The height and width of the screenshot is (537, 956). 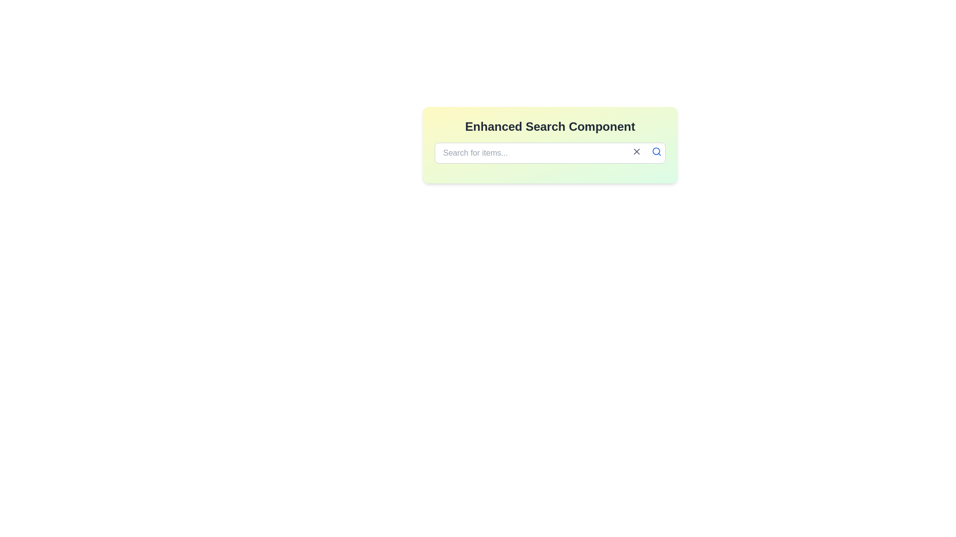 I want to click on to select any text within the text input field located in the 'Enhanced Search Component' beneath the title, so click(x=549, y=153).